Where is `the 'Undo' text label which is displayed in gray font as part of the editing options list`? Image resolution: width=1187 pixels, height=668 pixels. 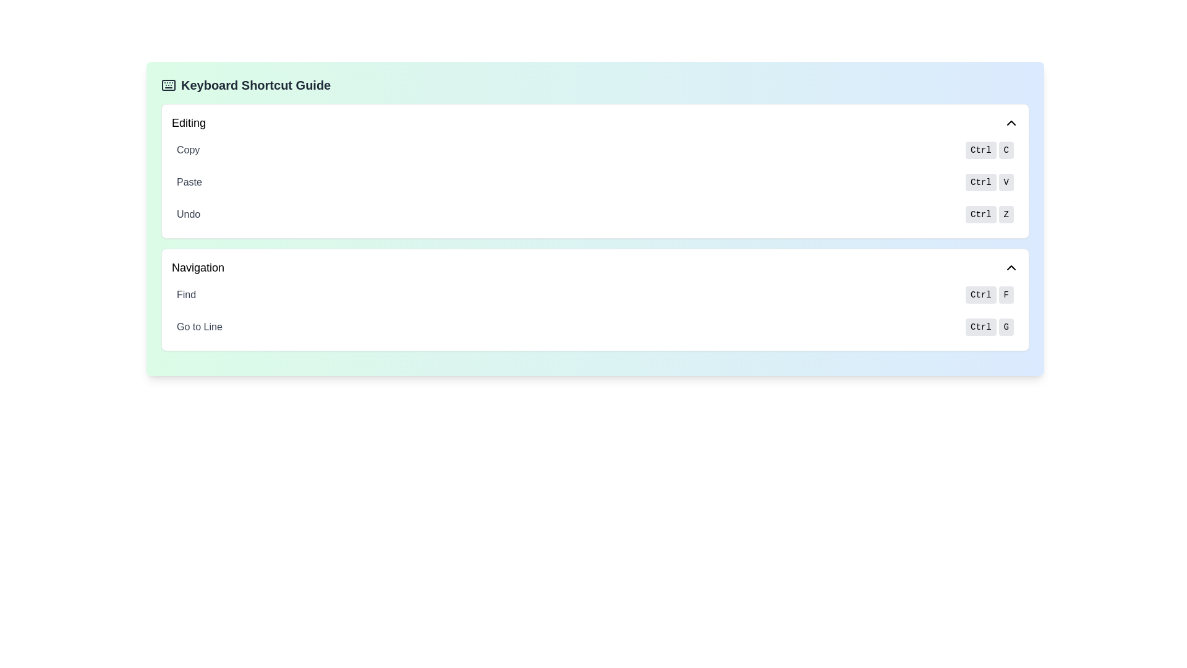 the 'Undo' text label which is displayed in gray font as part of the editing options list is located at coordinates (188, 214).